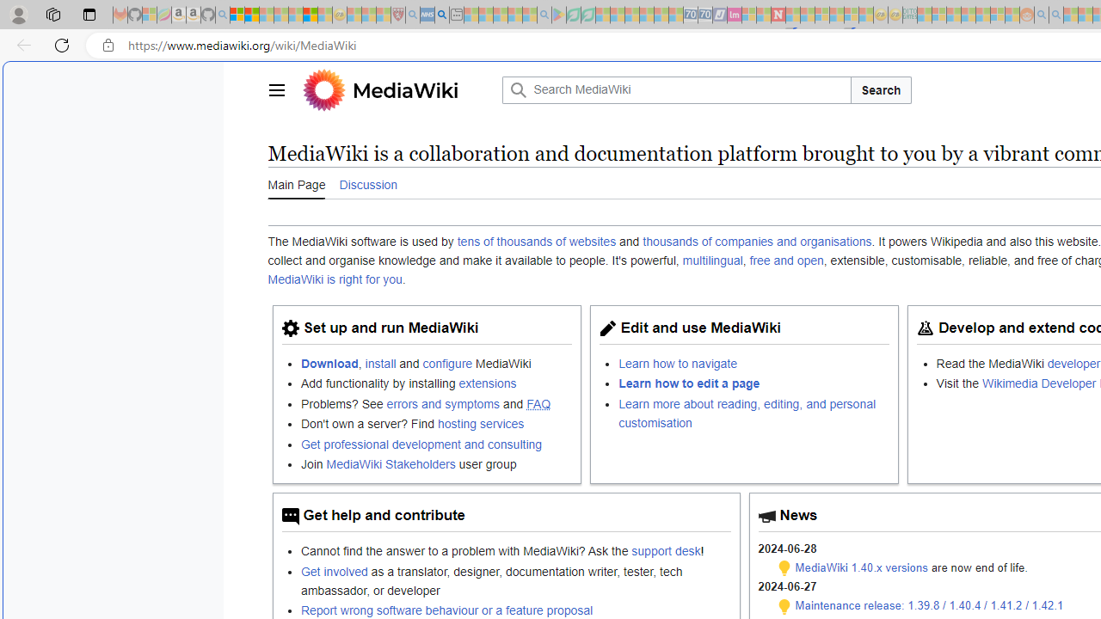 Image resolution: width=1101 pixels, height=619 pixels. I want to click on 'MediaWiki', so click(404, 89).